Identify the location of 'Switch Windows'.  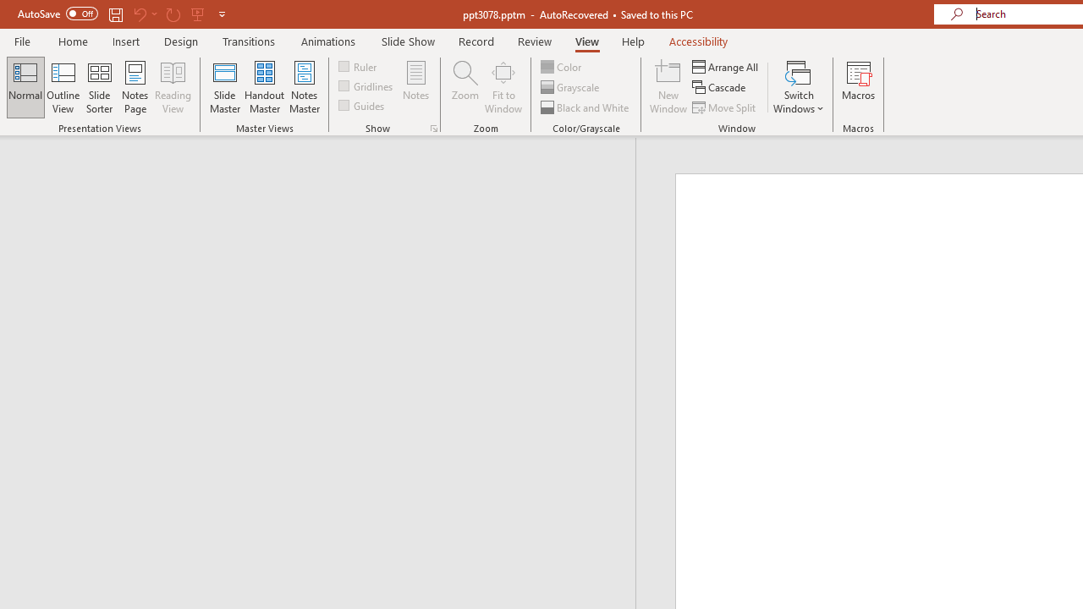
(798, 87).